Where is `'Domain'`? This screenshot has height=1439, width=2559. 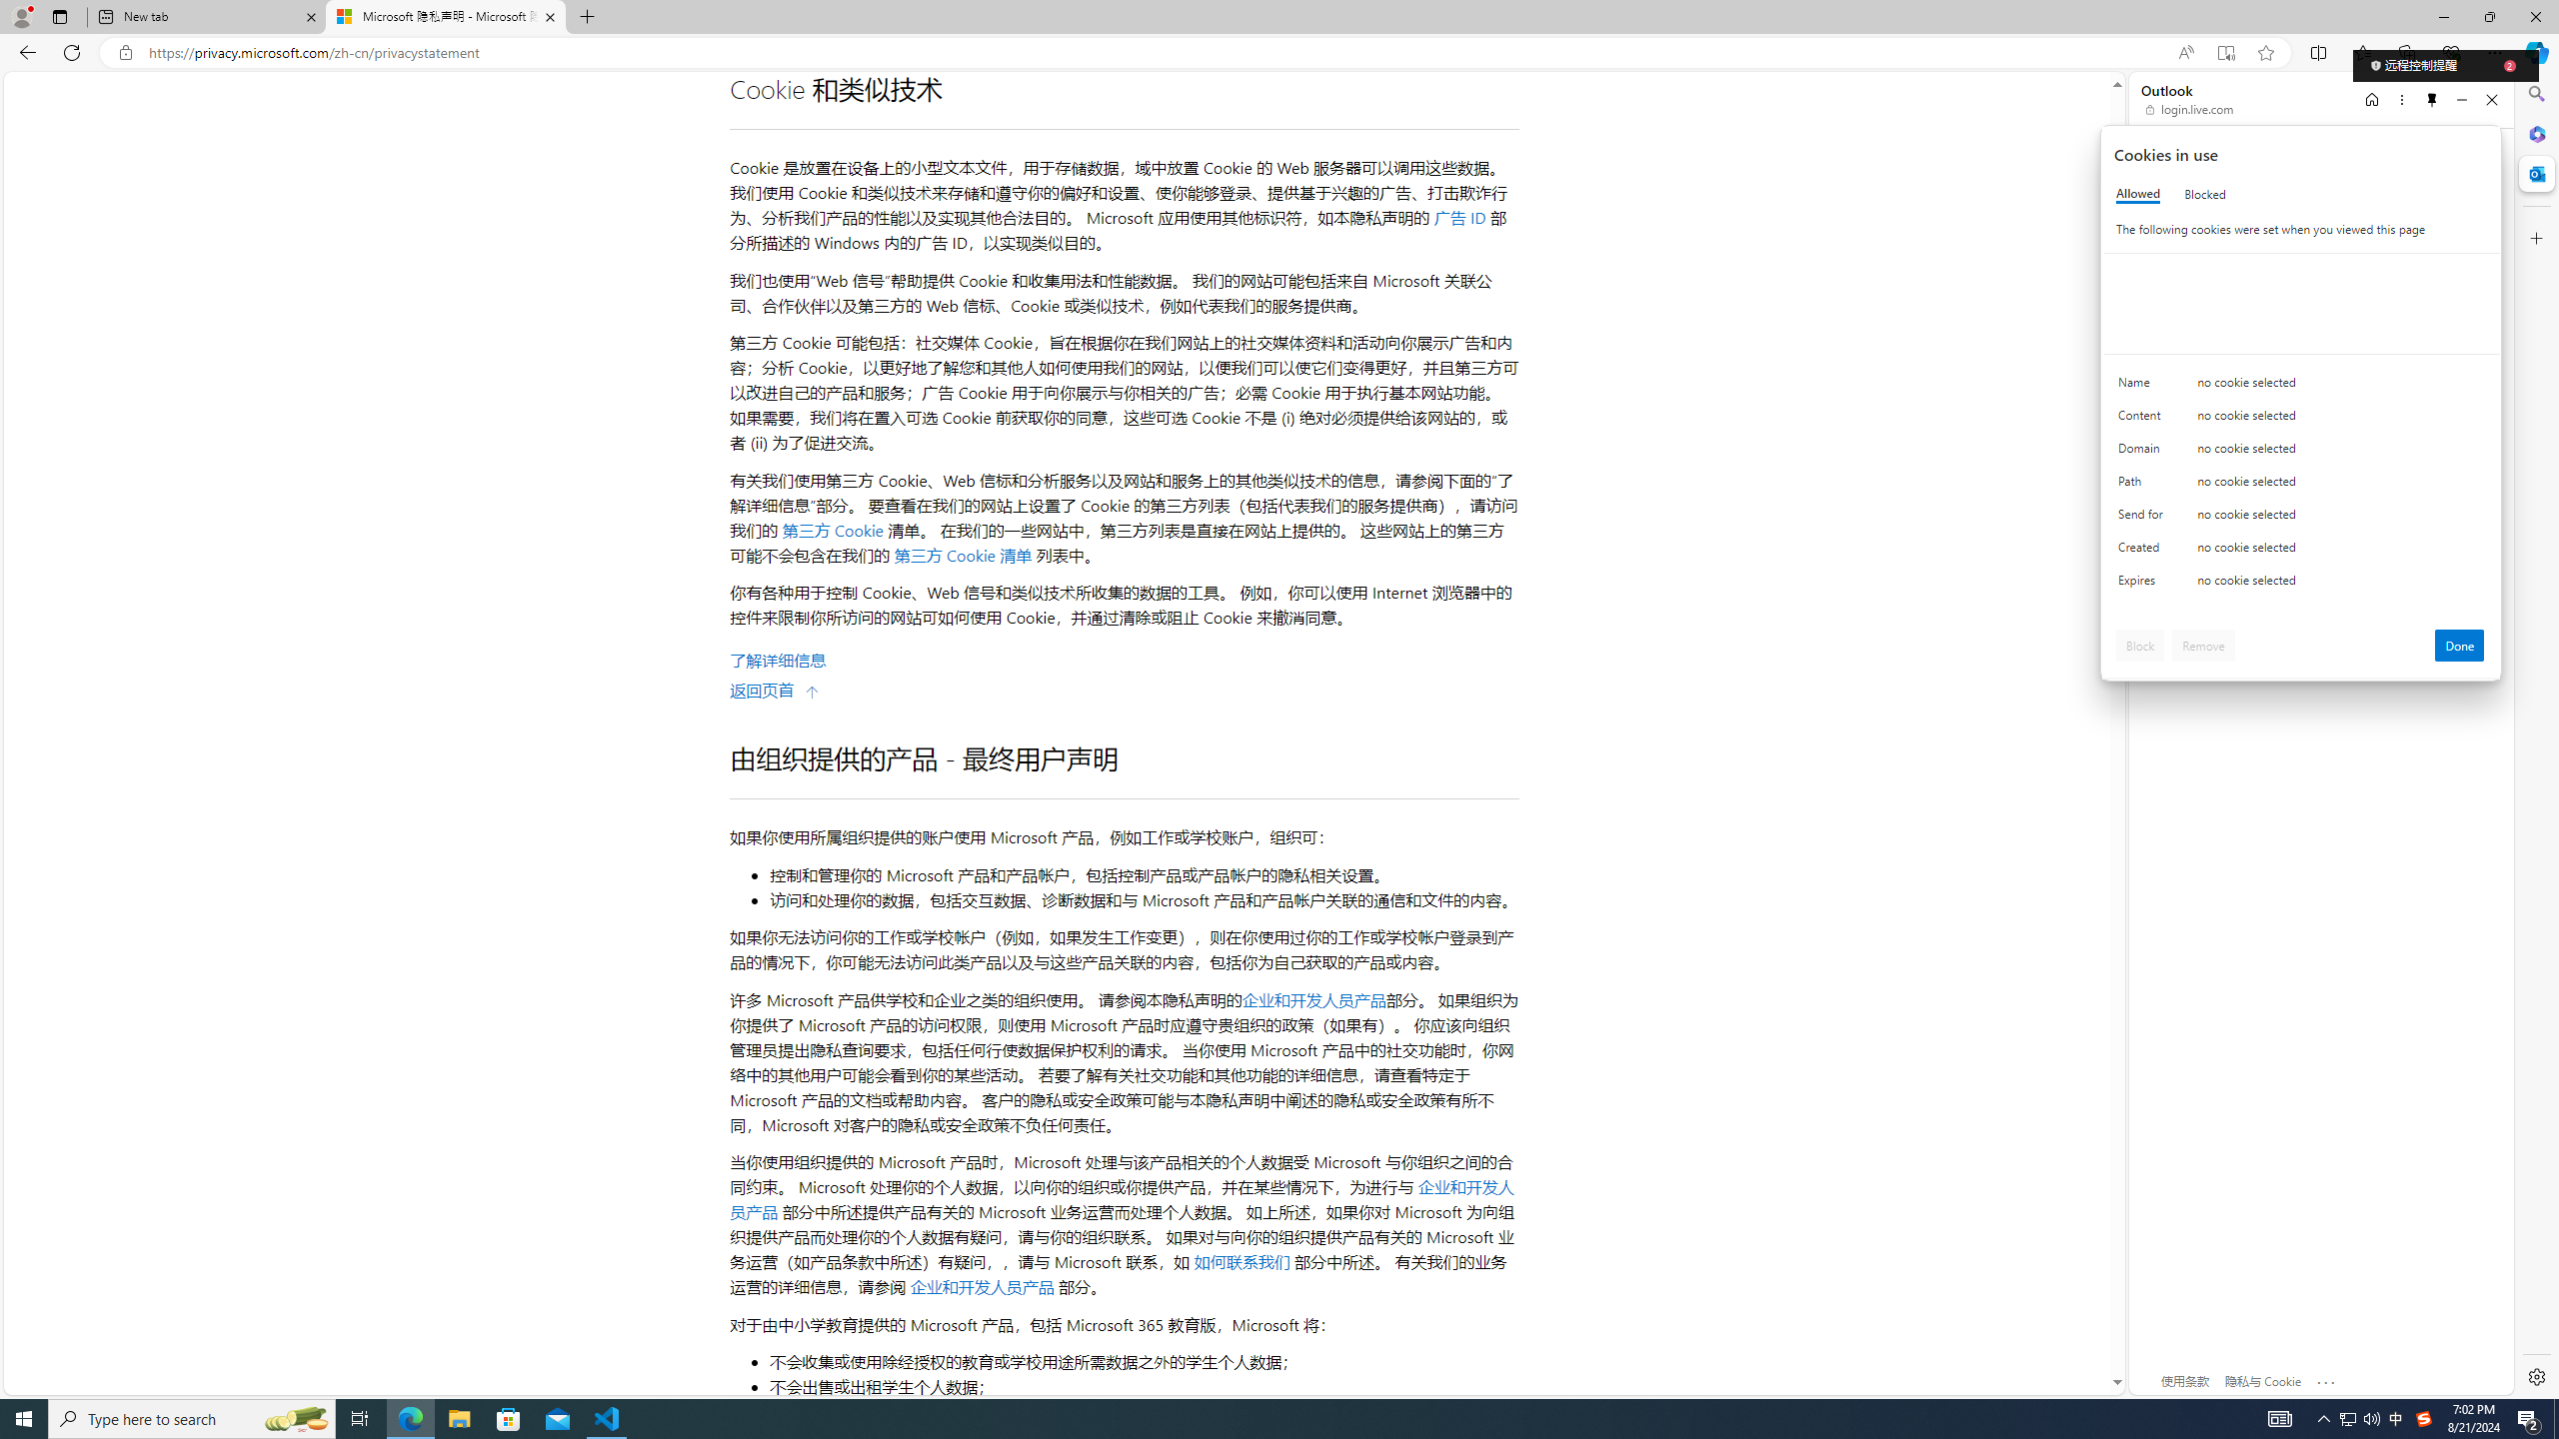
'Domain' is located at coordinates (2143, 452).